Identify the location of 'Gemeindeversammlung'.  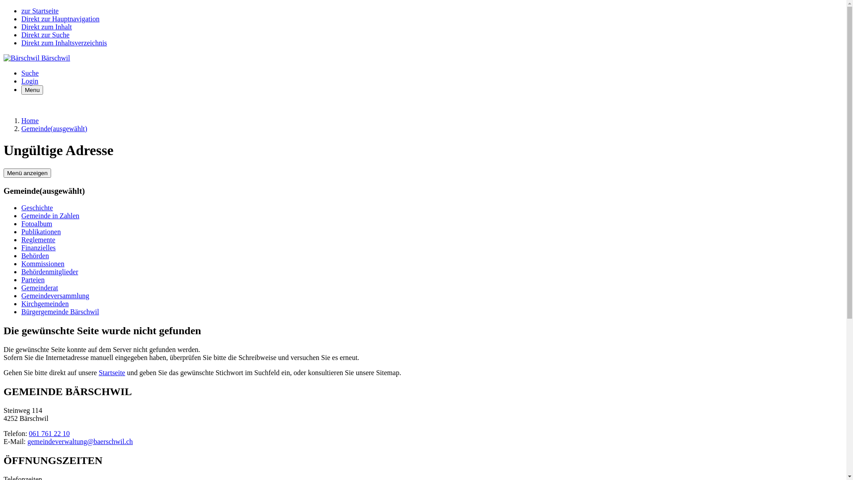
(55, 296).